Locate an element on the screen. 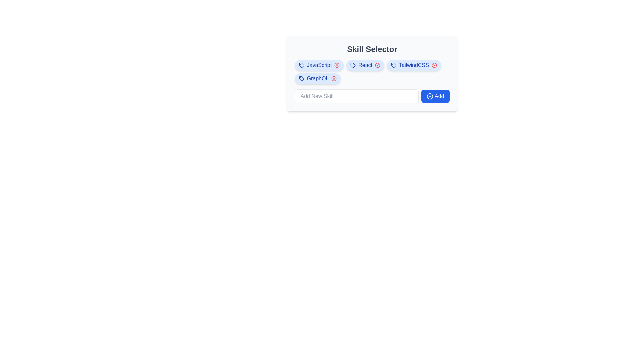  the remove button for the skill TailwindCSS is located at coordinates (434, 65).